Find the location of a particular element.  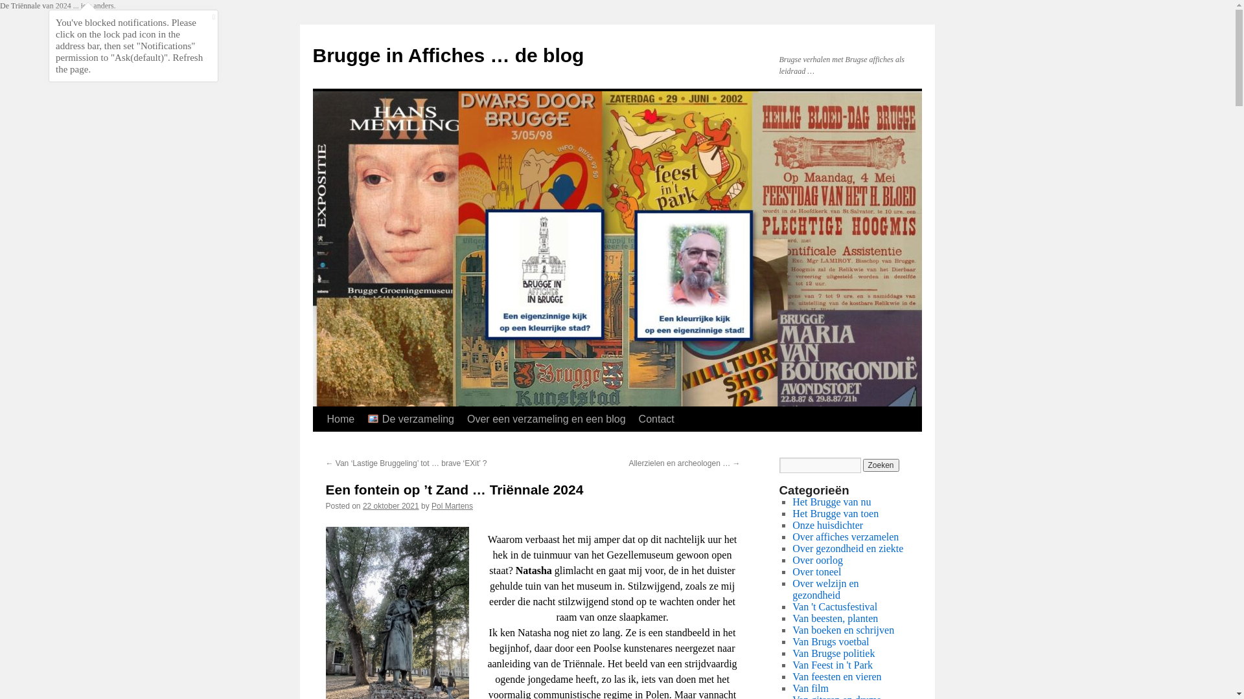

'Over welzijn en gezondheid' is located at coordinates (824, 589).